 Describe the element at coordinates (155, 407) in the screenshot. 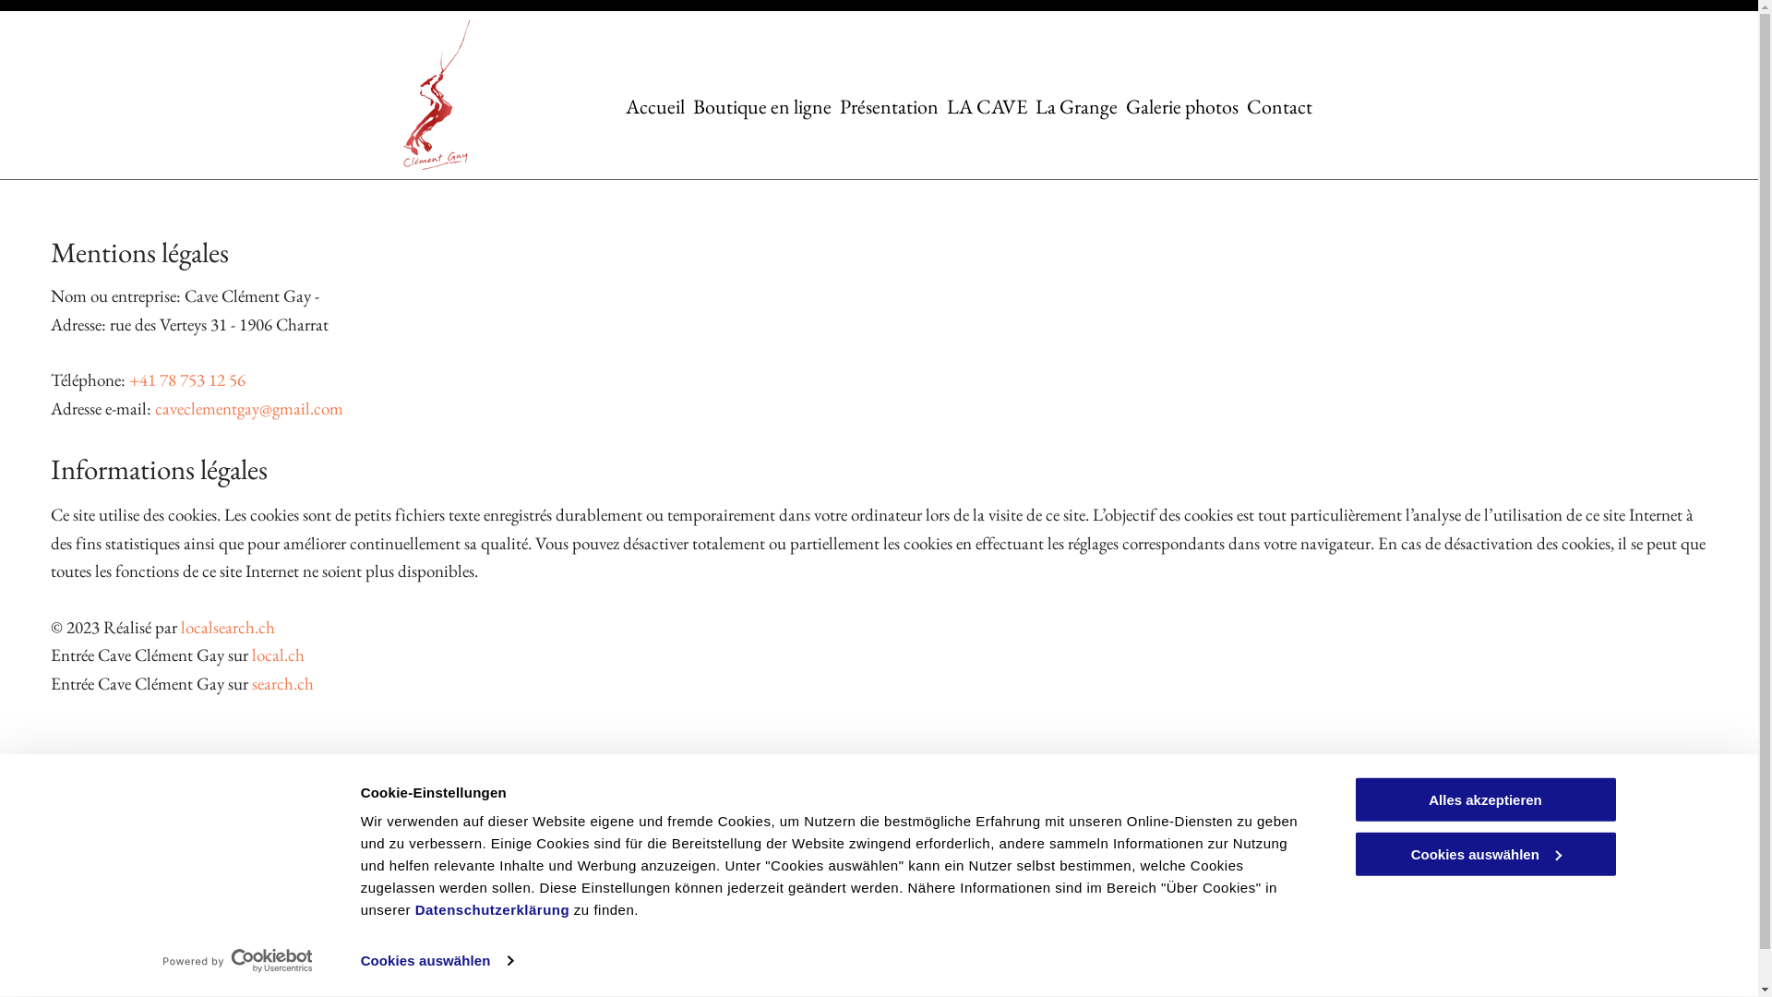

I see `'caveclementgay@gmail.com'` at that location.